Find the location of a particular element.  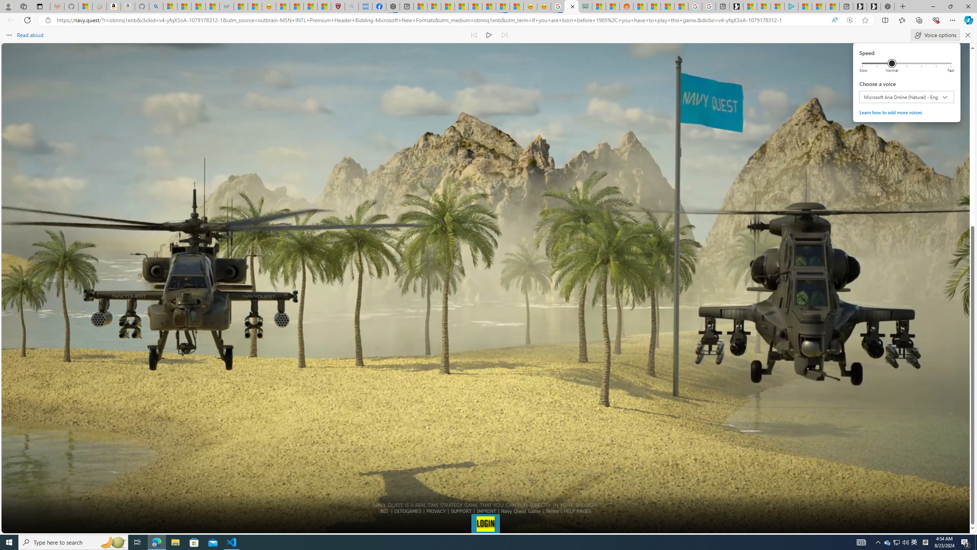

'Visual Studio Code - 1 running window' is located at coordinates (232, 542).